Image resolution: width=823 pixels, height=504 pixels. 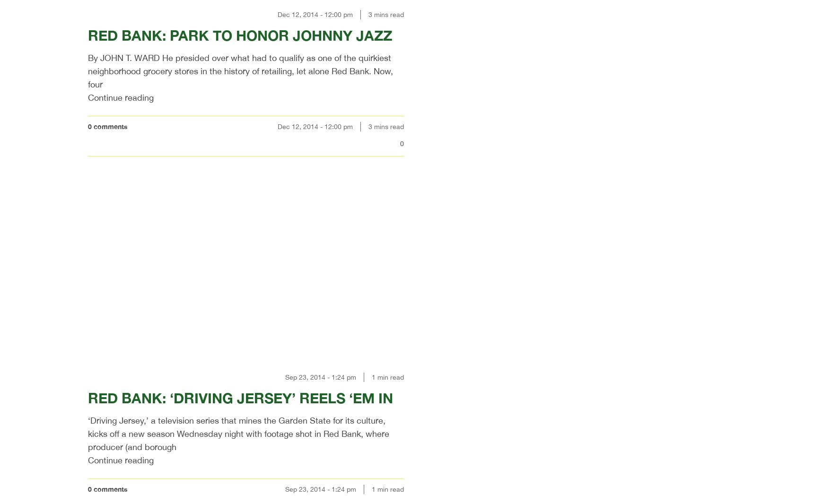 I want to click on 'RED BANK: PARK TO HONOR JOHNNY JAZZ', so click(x=239, y=35).